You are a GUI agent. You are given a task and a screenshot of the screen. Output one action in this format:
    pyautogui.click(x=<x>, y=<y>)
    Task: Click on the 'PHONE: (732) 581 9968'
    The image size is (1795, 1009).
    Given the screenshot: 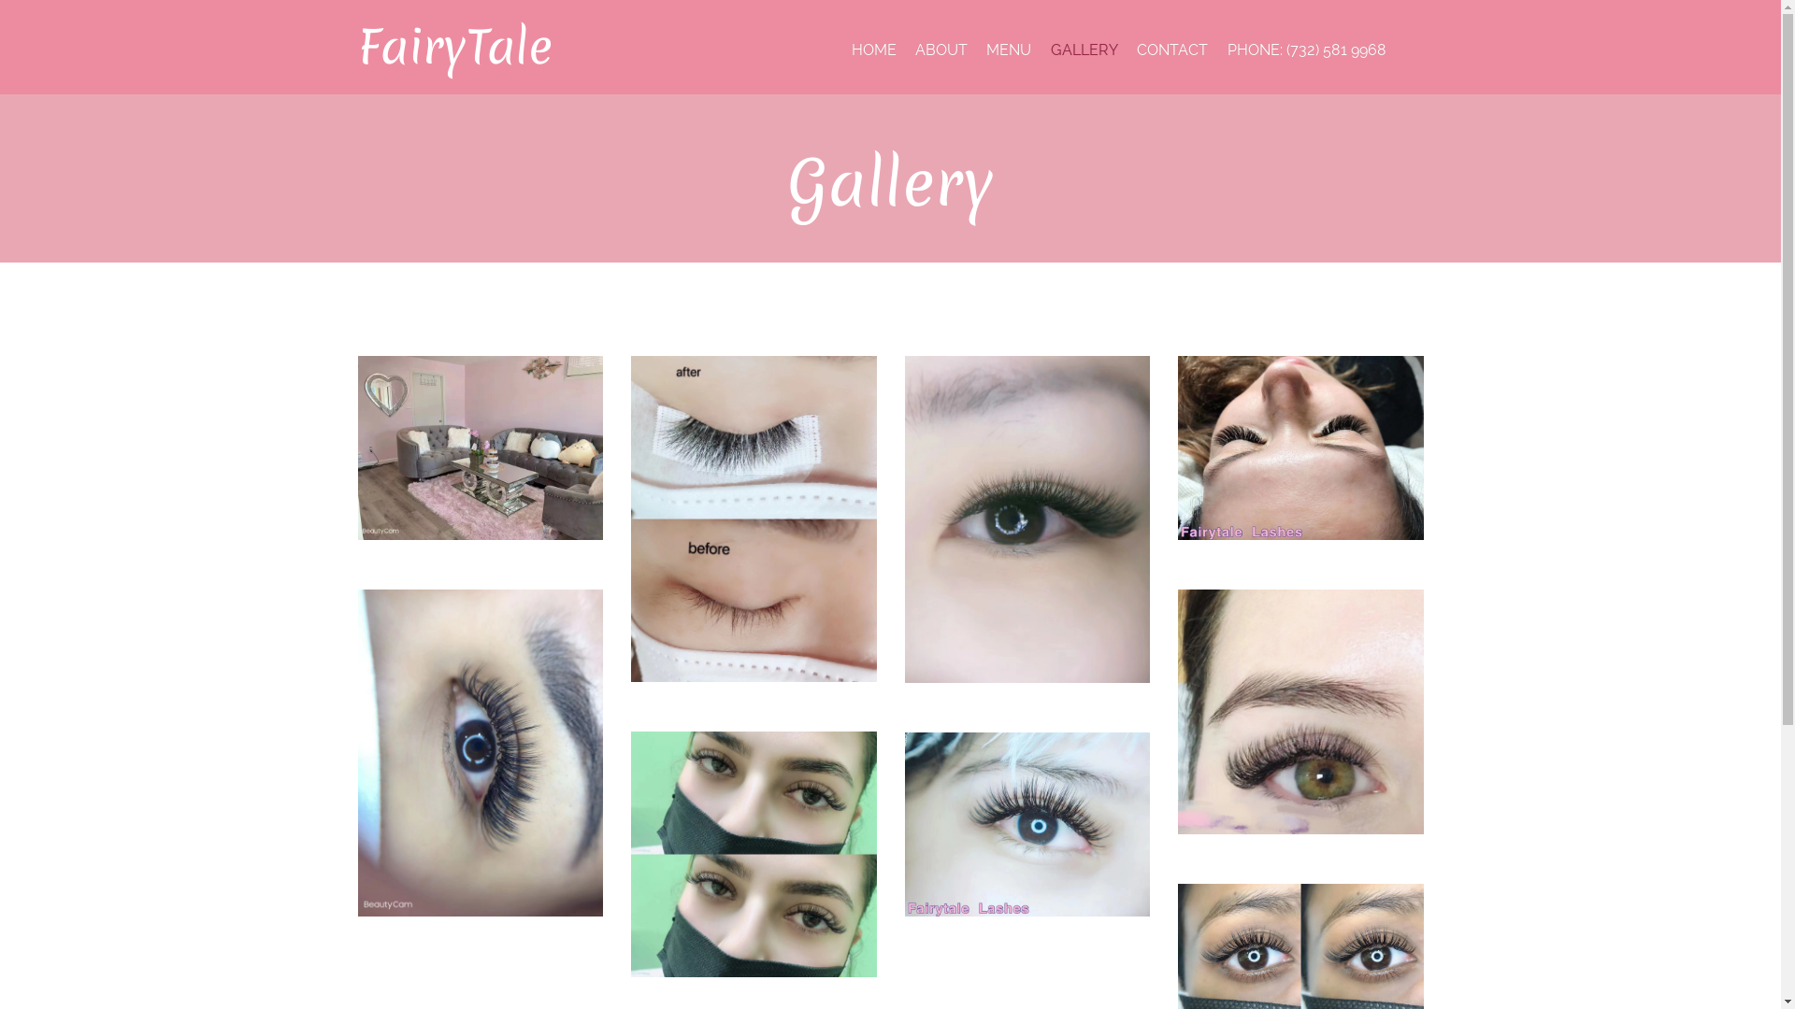 What is the action you would take?
    pyautogui.click(x=1305, y=50)
    